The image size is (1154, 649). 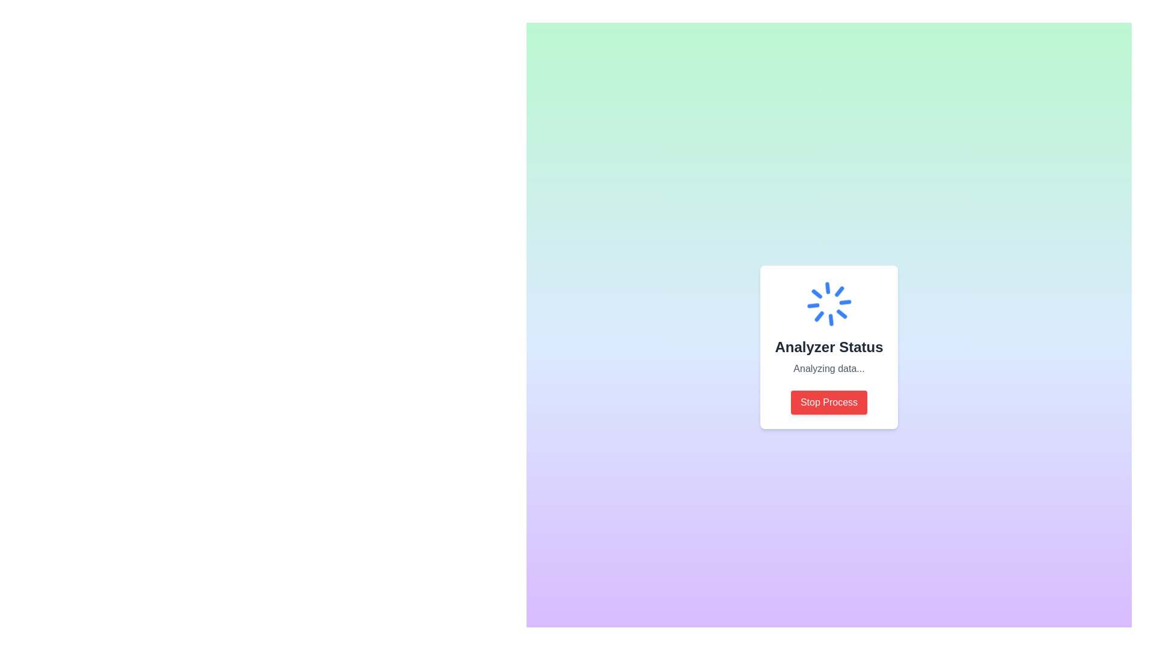 What do you see at coordinates (828, 368) in the screenshot?
I see `the text label displaying 'Analyzing data...' located within the 'Analyzer Status' panel` at bounding box center [828, 368].